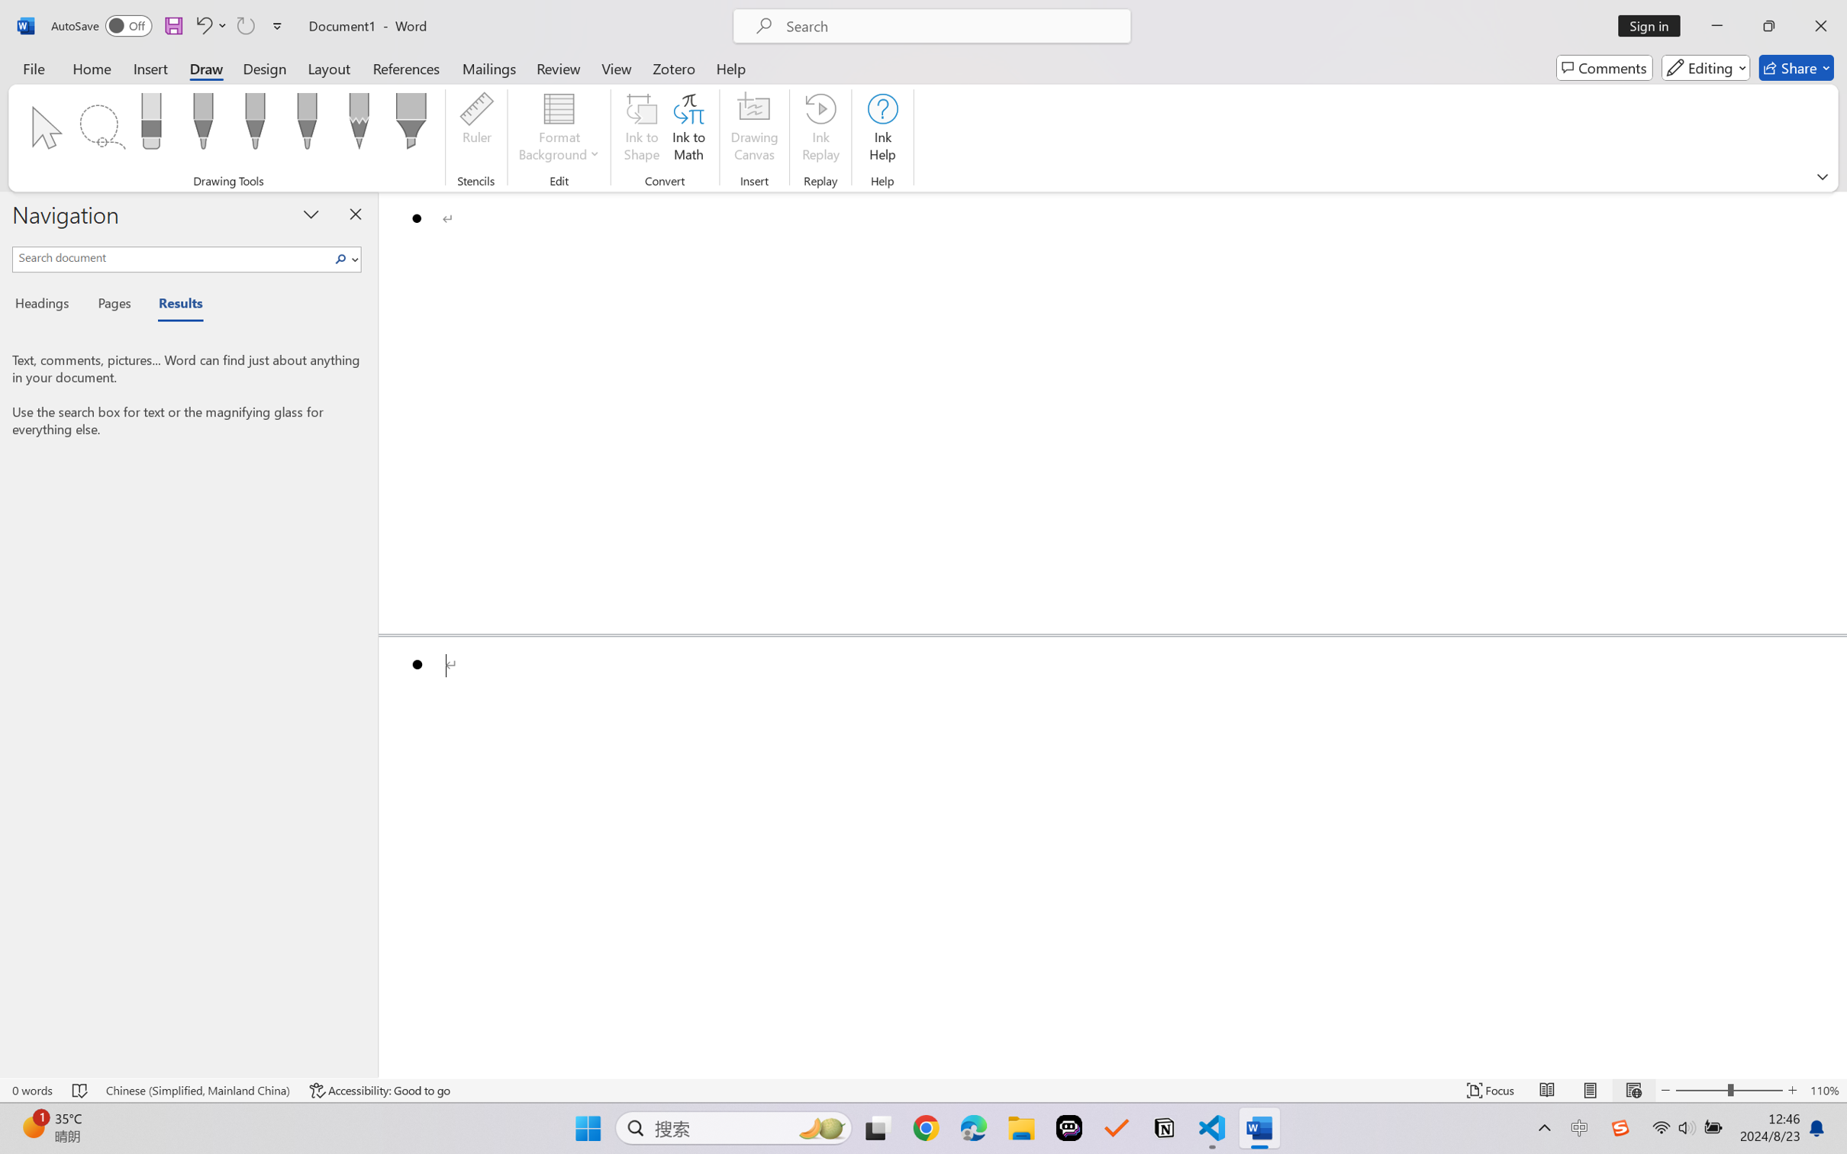  What do you see at coordinates (172, 256) in the screenshot?
I see `'Search document'` at bounding box center [172, 256].